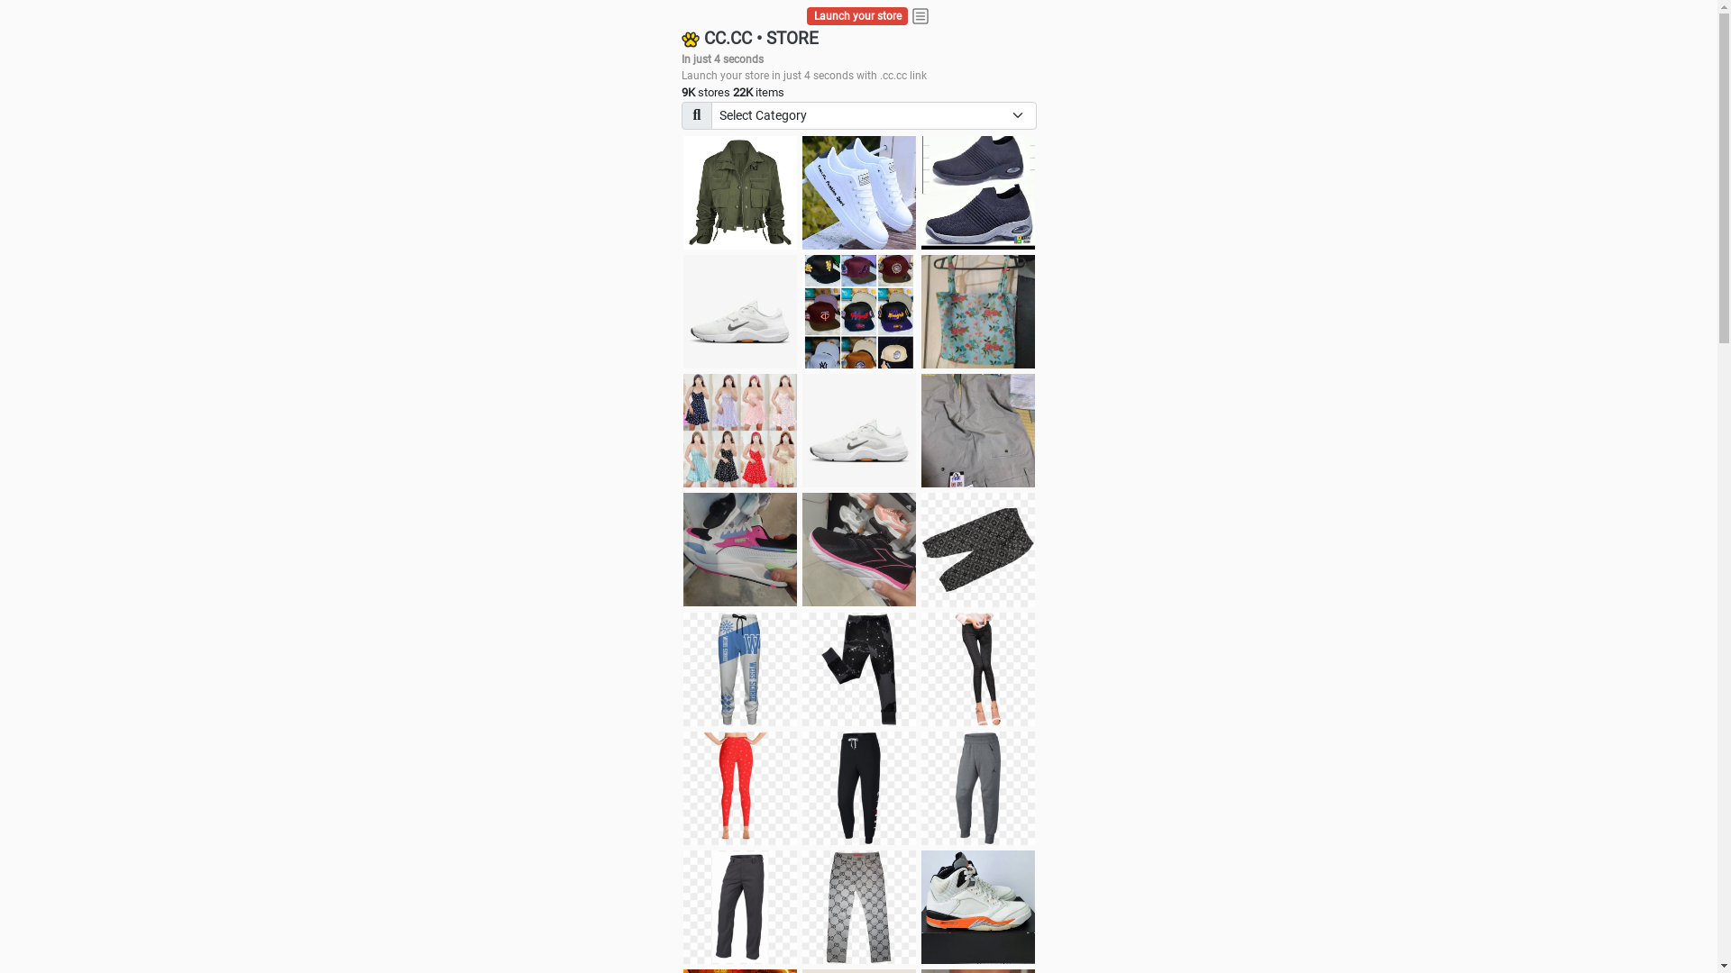 This screenshot has height=973, width=1731. I want to click on 'white shoes', so click(858, 192).